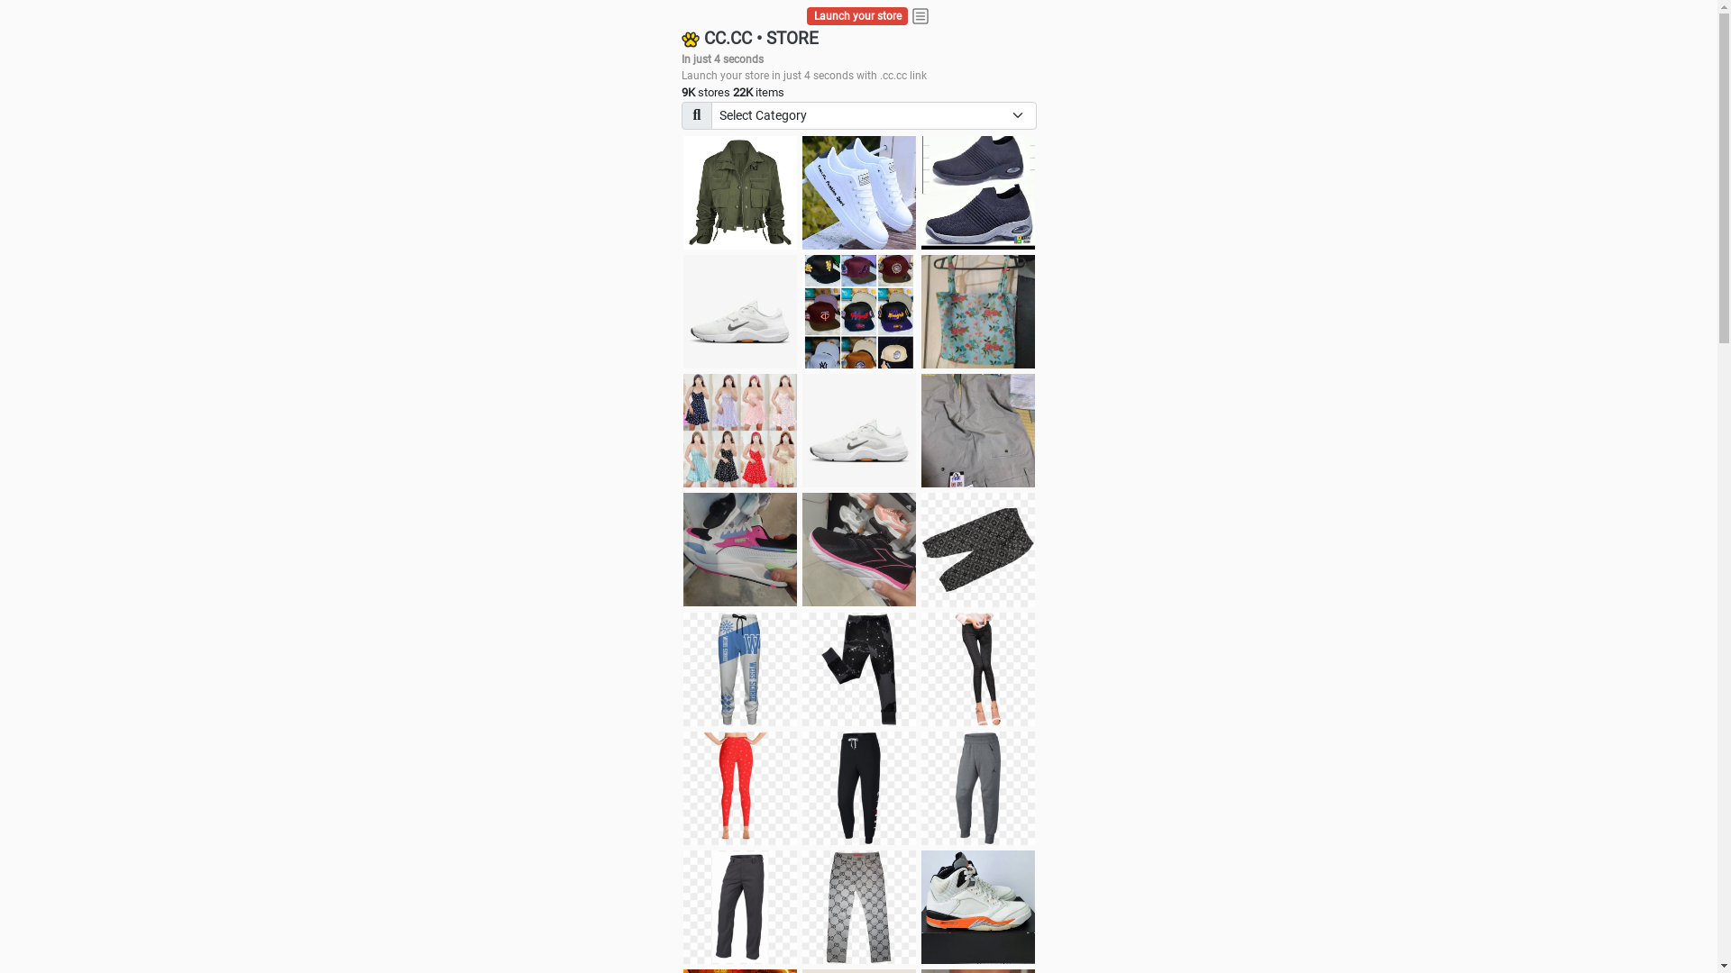 This screenshot has height=973, width=1731. I want to click on 'white shoes', so click(858, 192).